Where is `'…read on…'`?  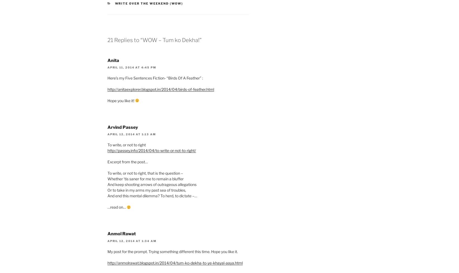
'…read on…' is located at coordinates (107, 207).